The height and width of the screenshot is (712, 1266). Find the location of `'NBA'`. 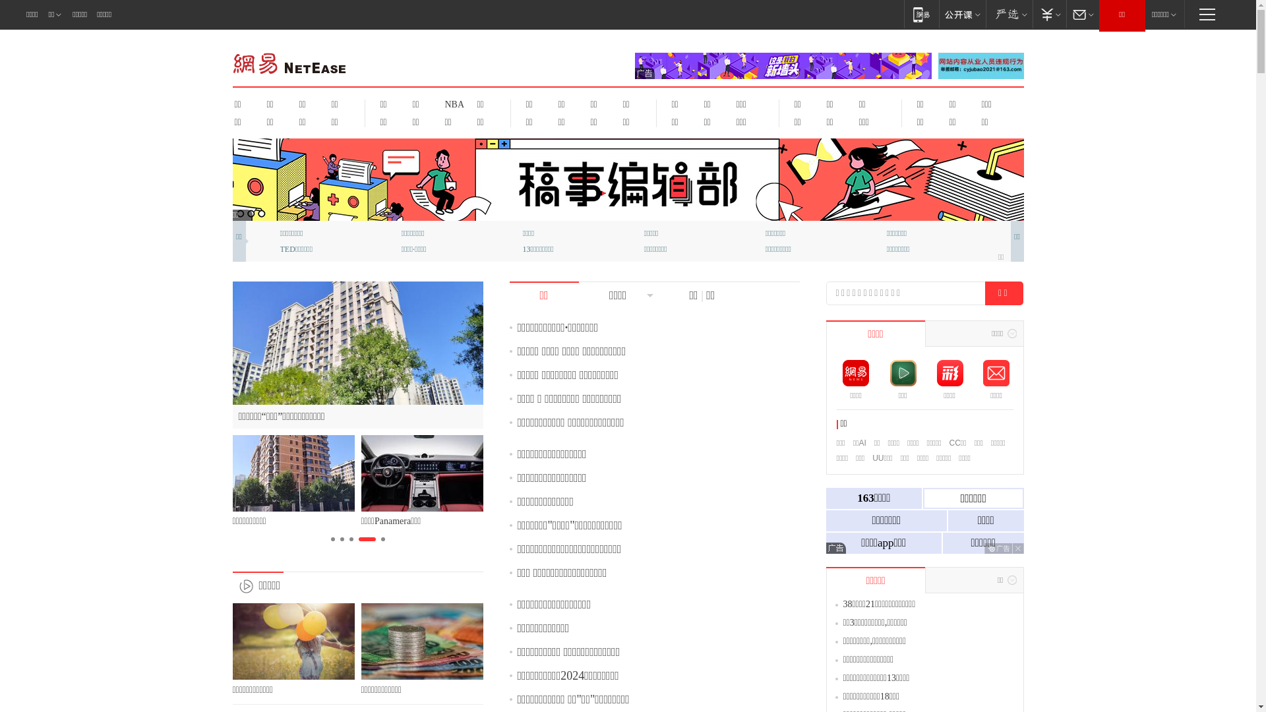

'NBA' is located at coordinates (452, 104).